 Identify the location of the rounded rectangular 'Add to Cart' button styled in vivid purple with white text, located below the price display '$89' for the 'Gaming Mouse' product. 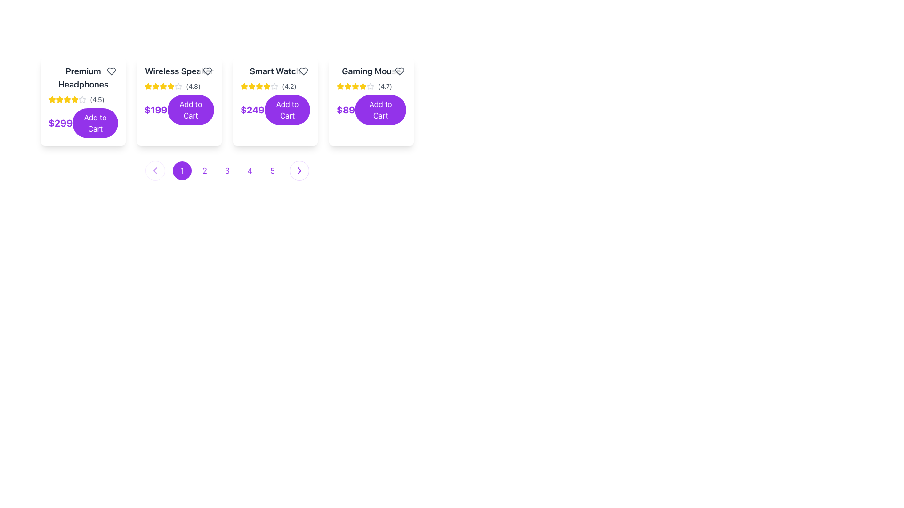
(380, 110).